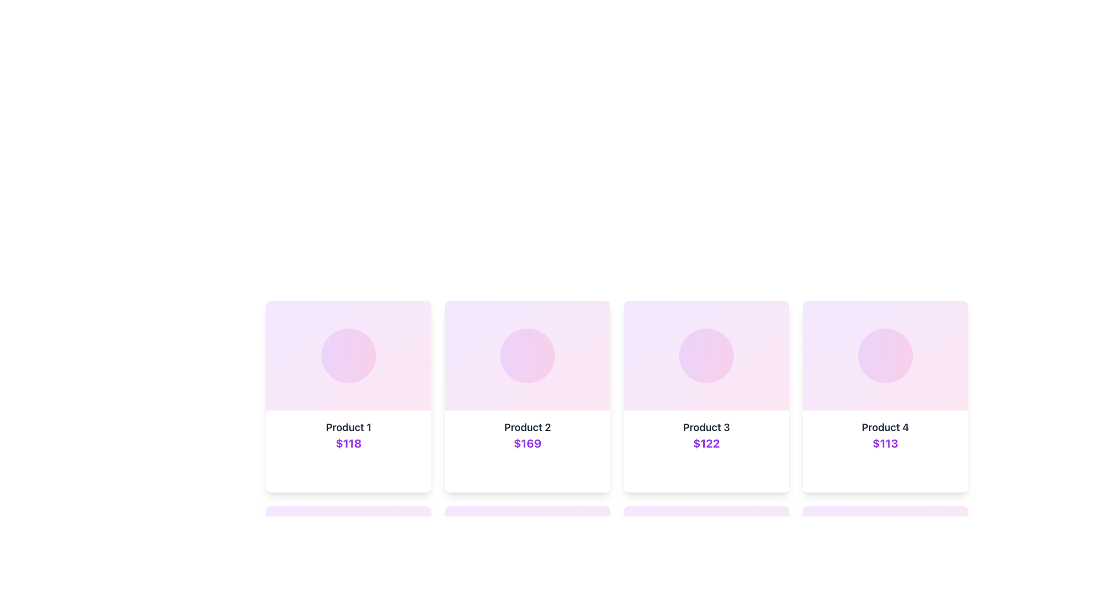 This screenshot has width=1094, height=615. Describe the element at coordinates (885, 428) in the screenshot. I see `the text label that serves as the name or title of the product in the fourth card, located above the pricing text of '$113'` at that location.